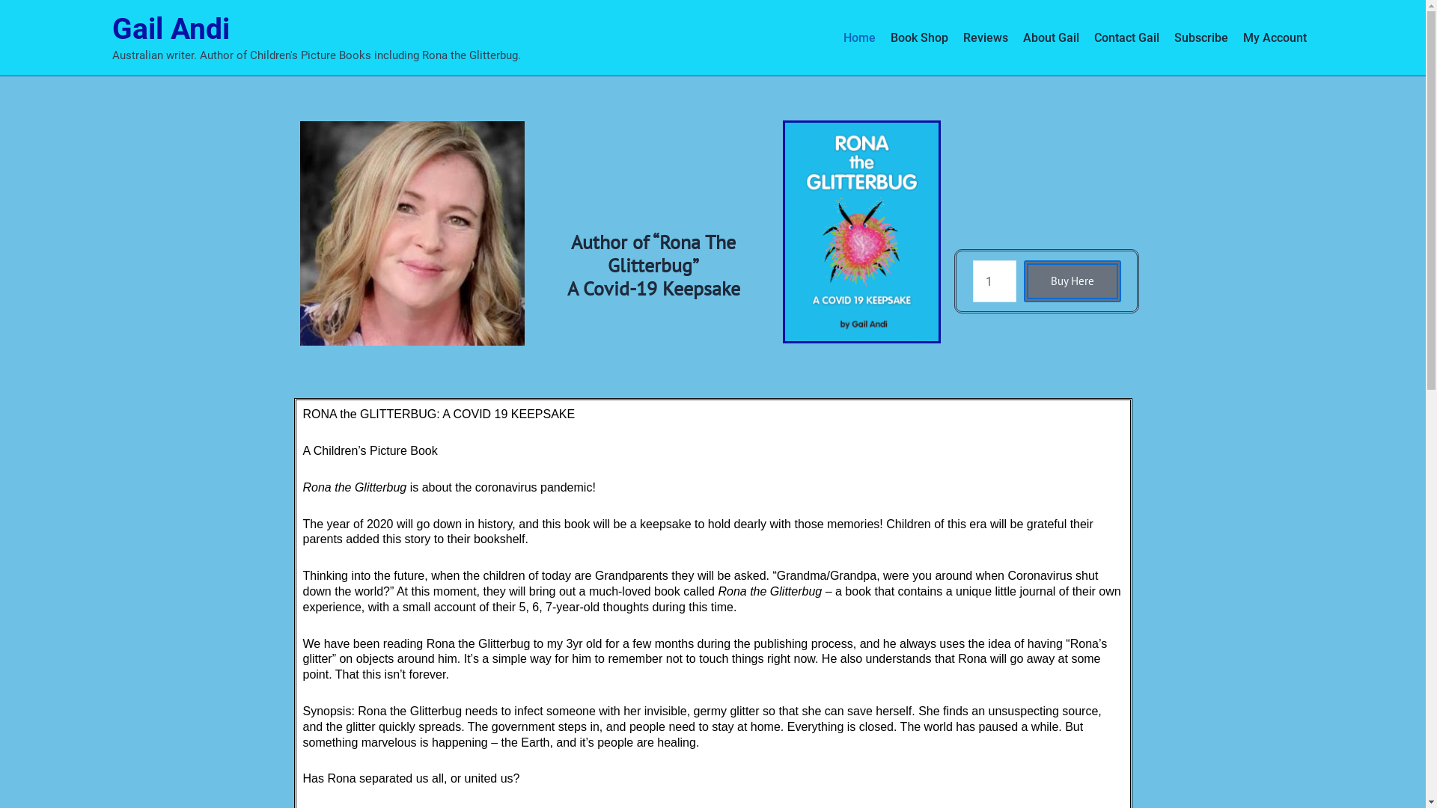 This screenshot has width=1437, height=808. Describe the element at coordinates (858, 37) in the screenshot. I see `'Home'` at that location.